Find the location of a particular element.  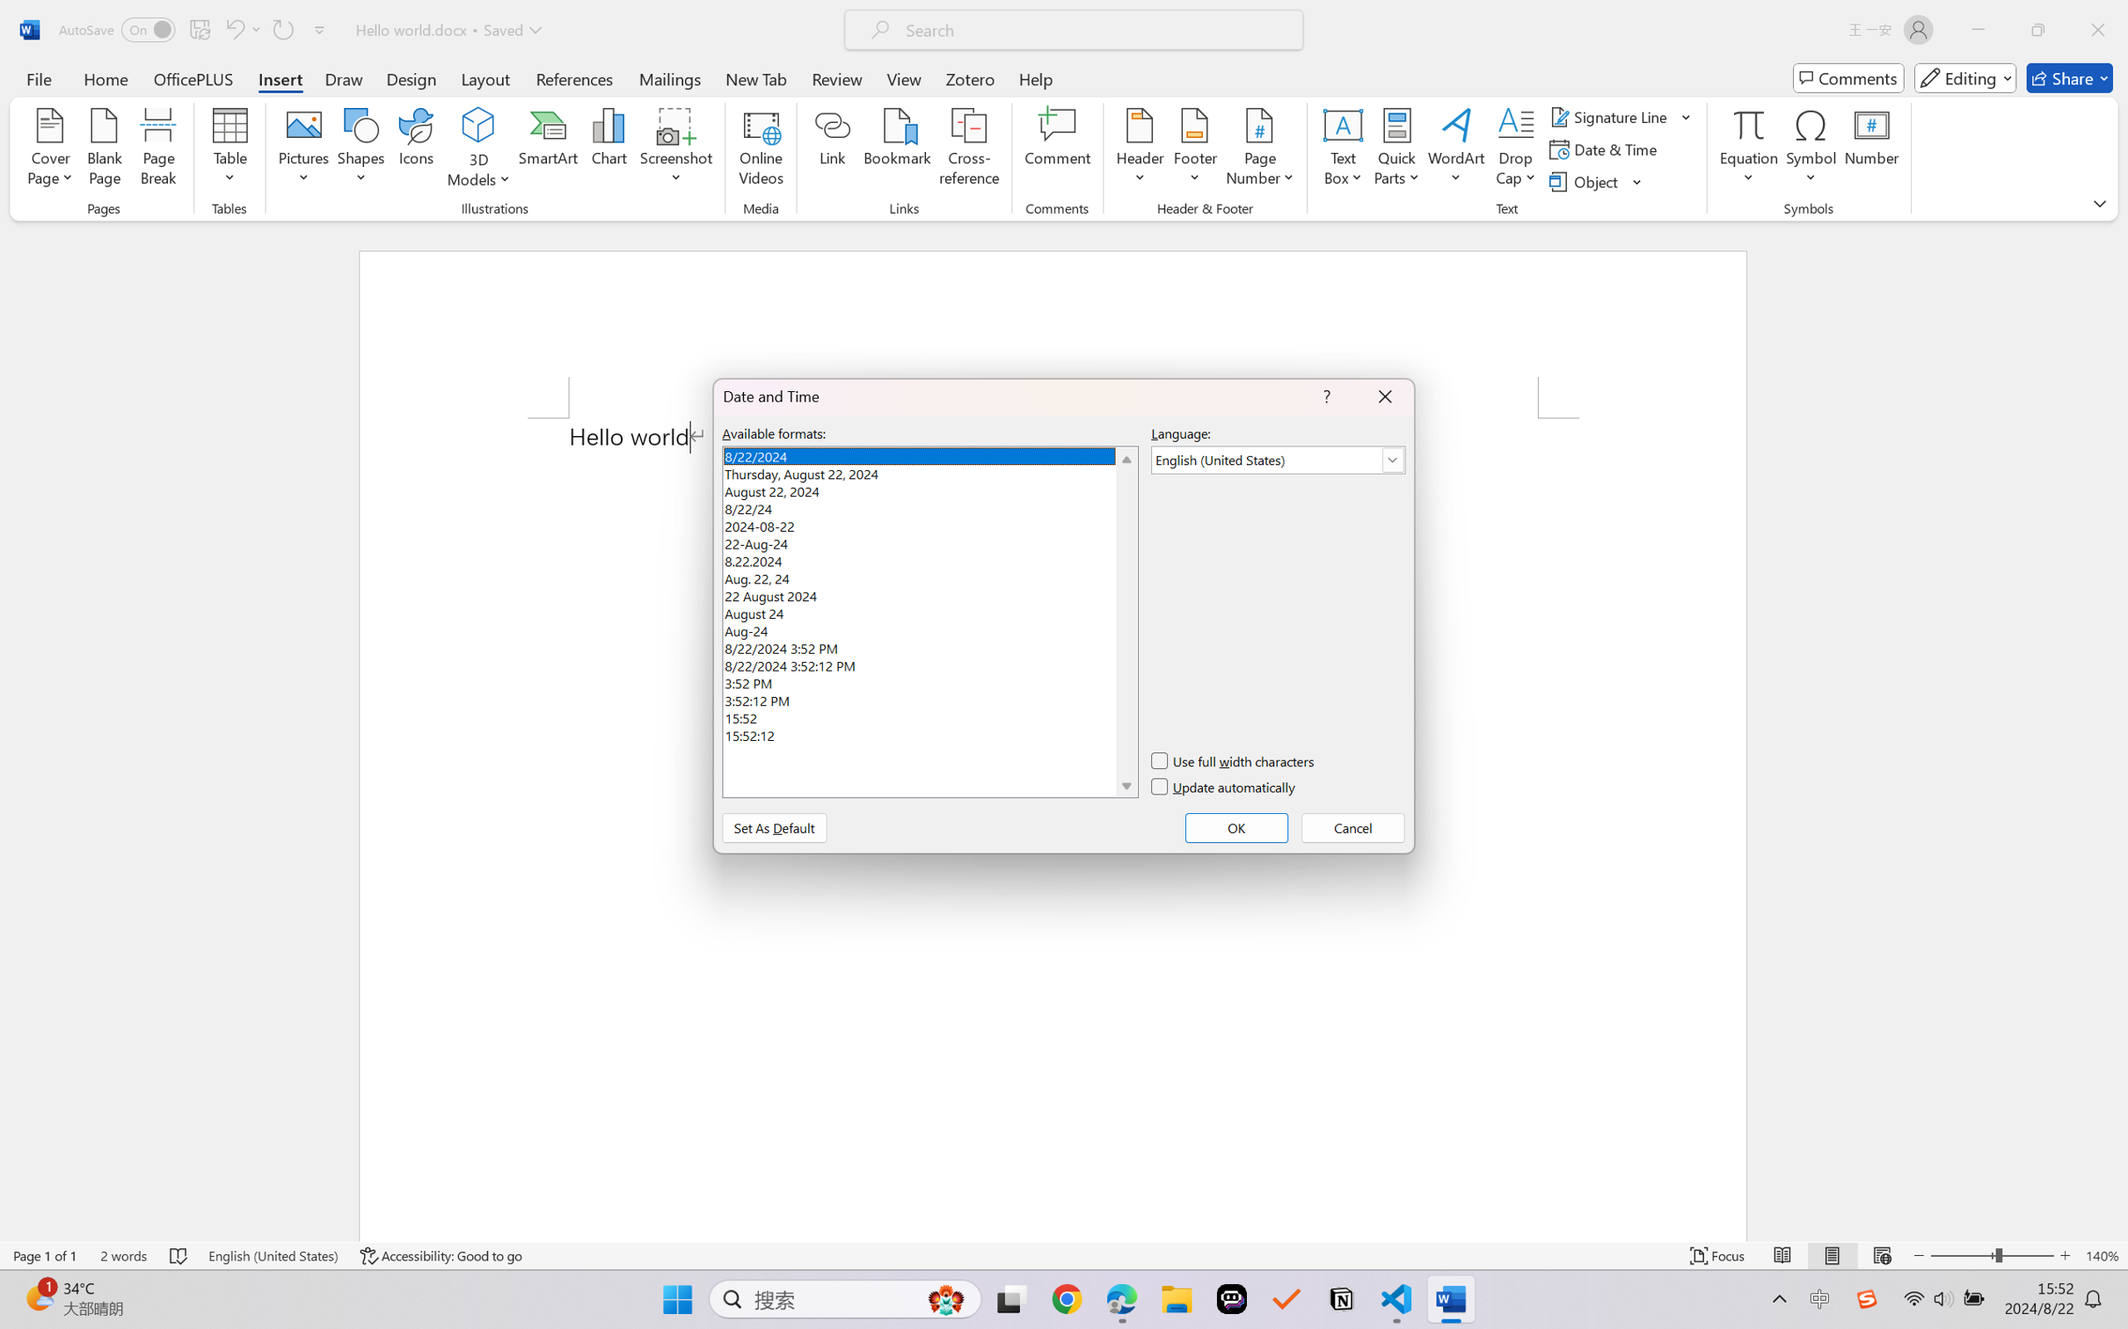

'OK' is located at coordinates (1236, 826).